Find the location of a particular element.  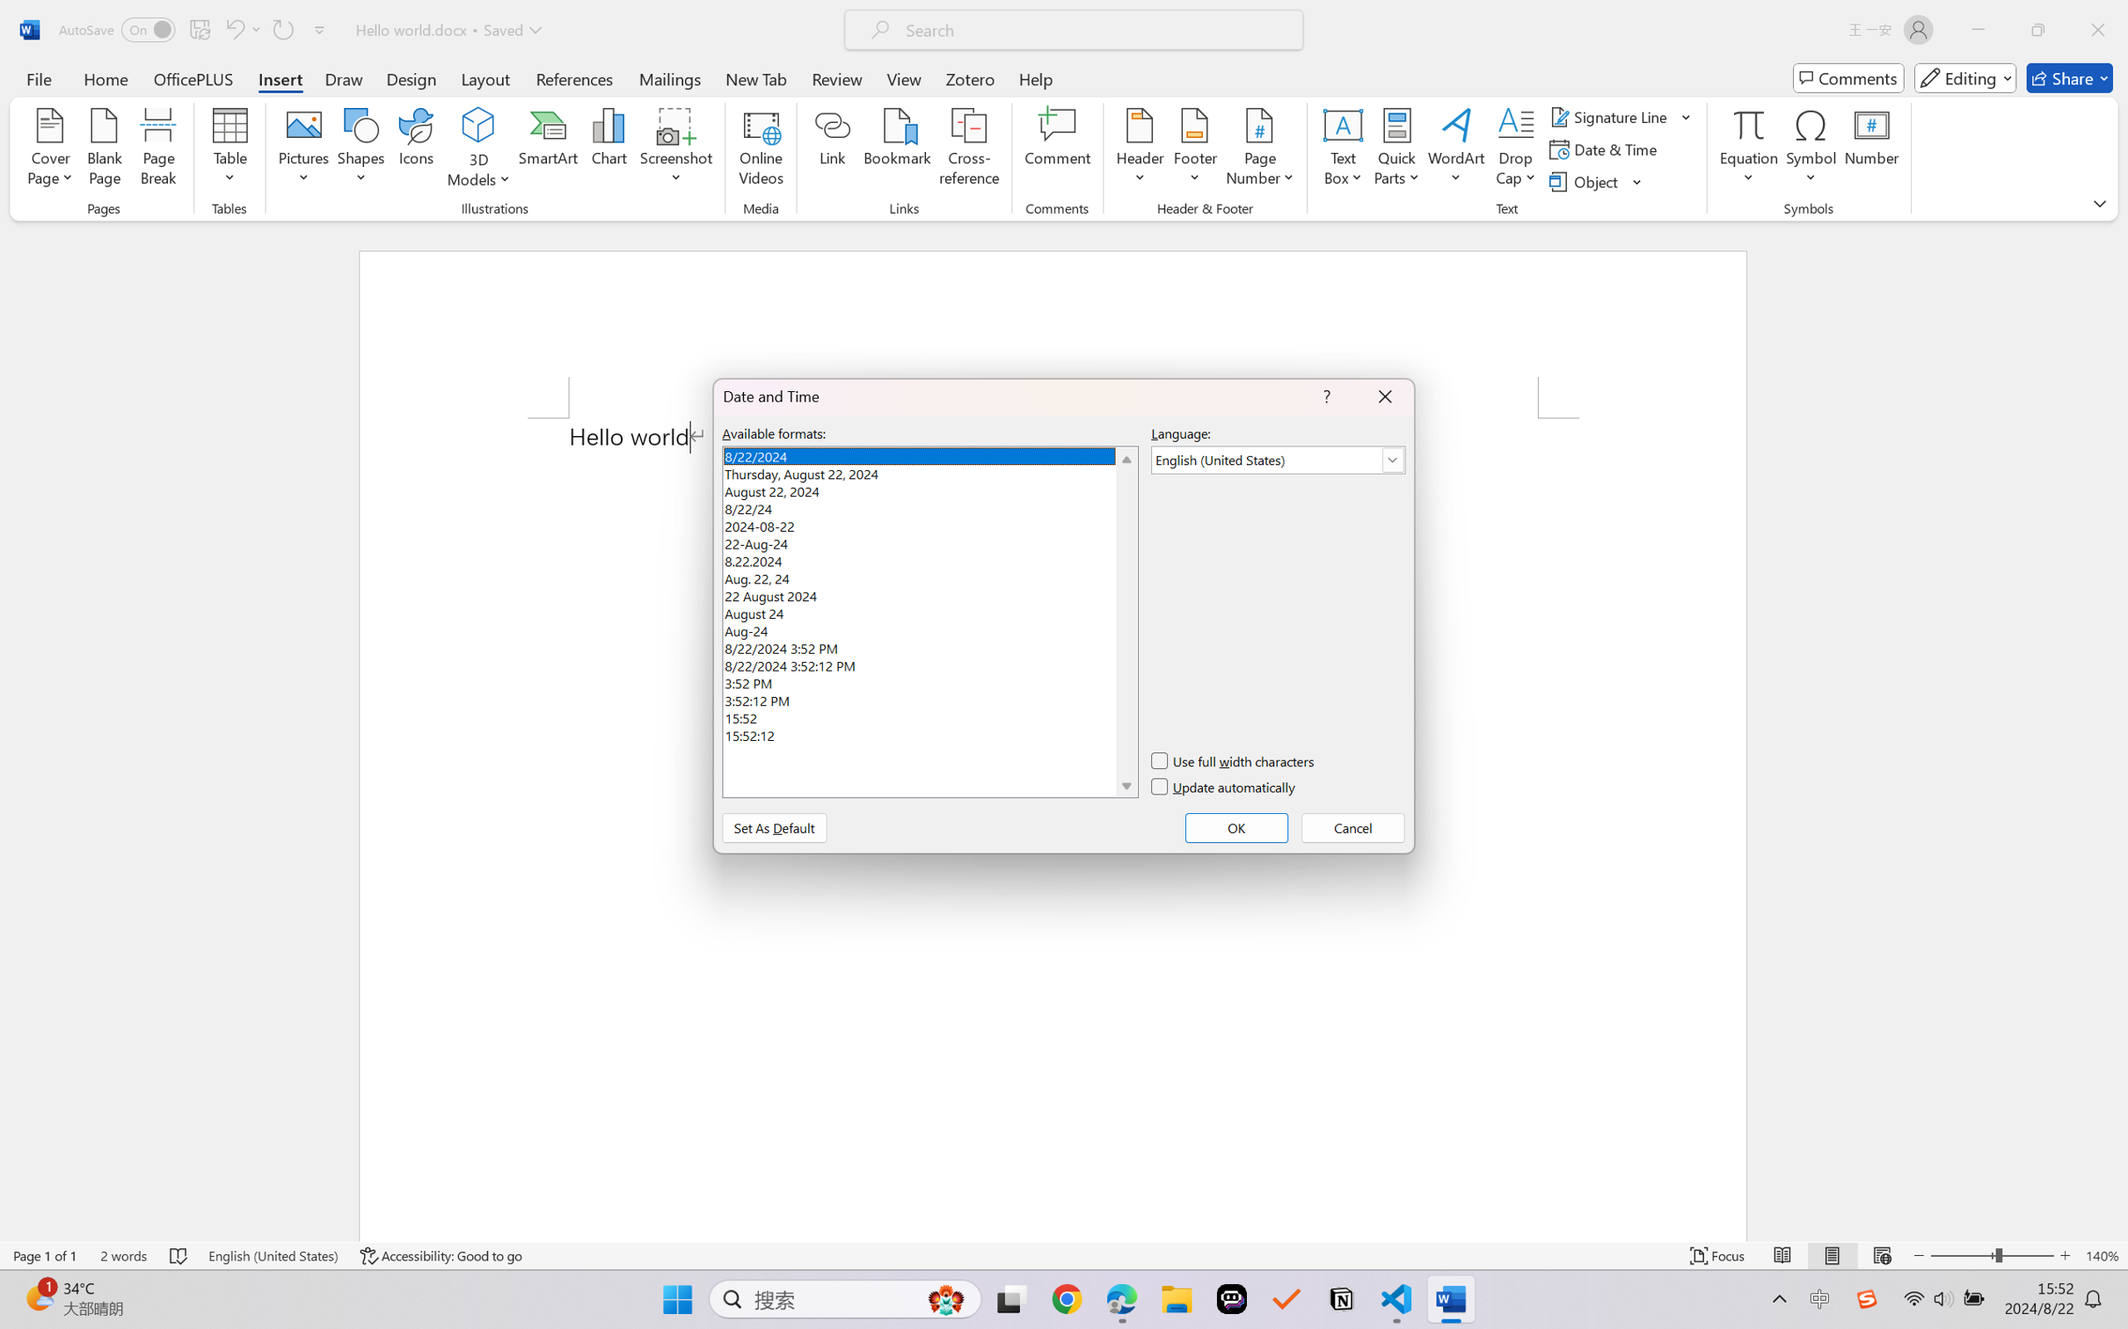

'OK' is located at coordinates (1236, 826).